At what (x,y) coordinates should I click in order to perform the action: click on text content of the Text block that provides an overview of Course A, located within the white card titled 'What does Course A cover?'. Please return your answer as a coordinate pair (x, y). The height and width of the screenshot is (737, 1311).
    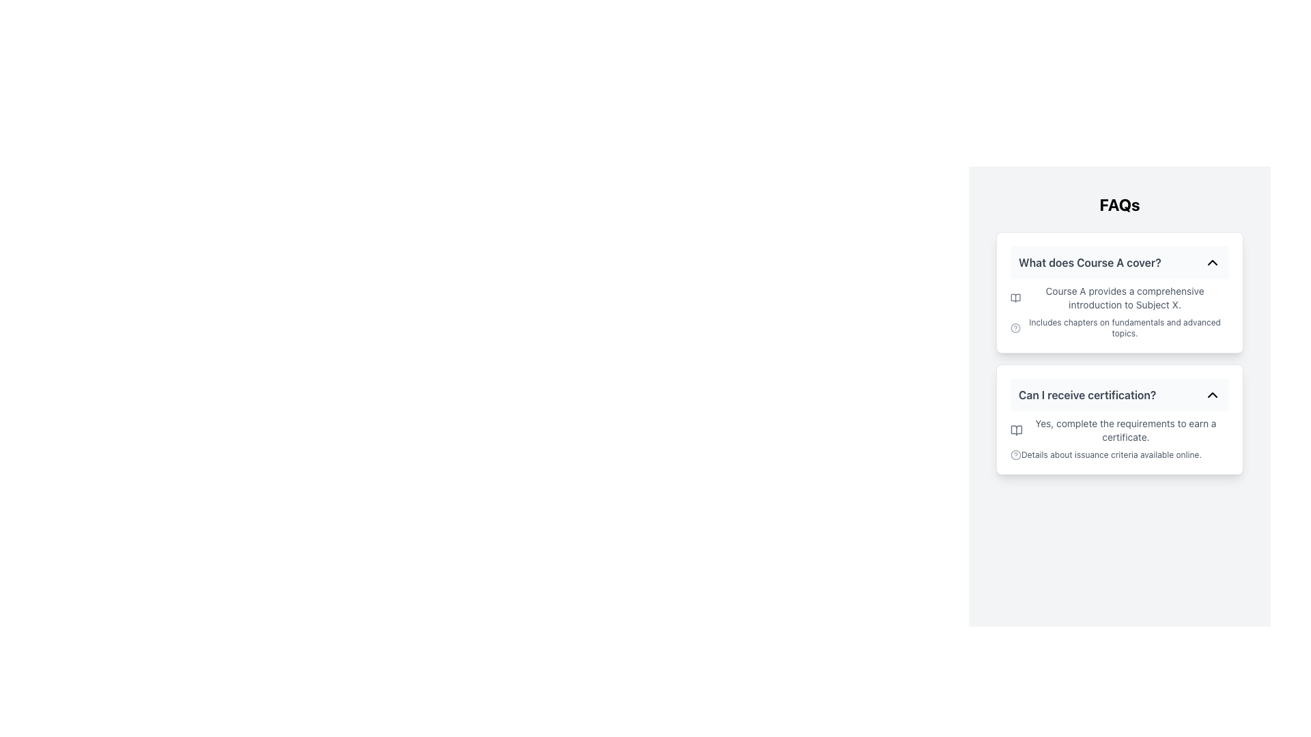
    Looking at the image, I should click on (1120, 311).